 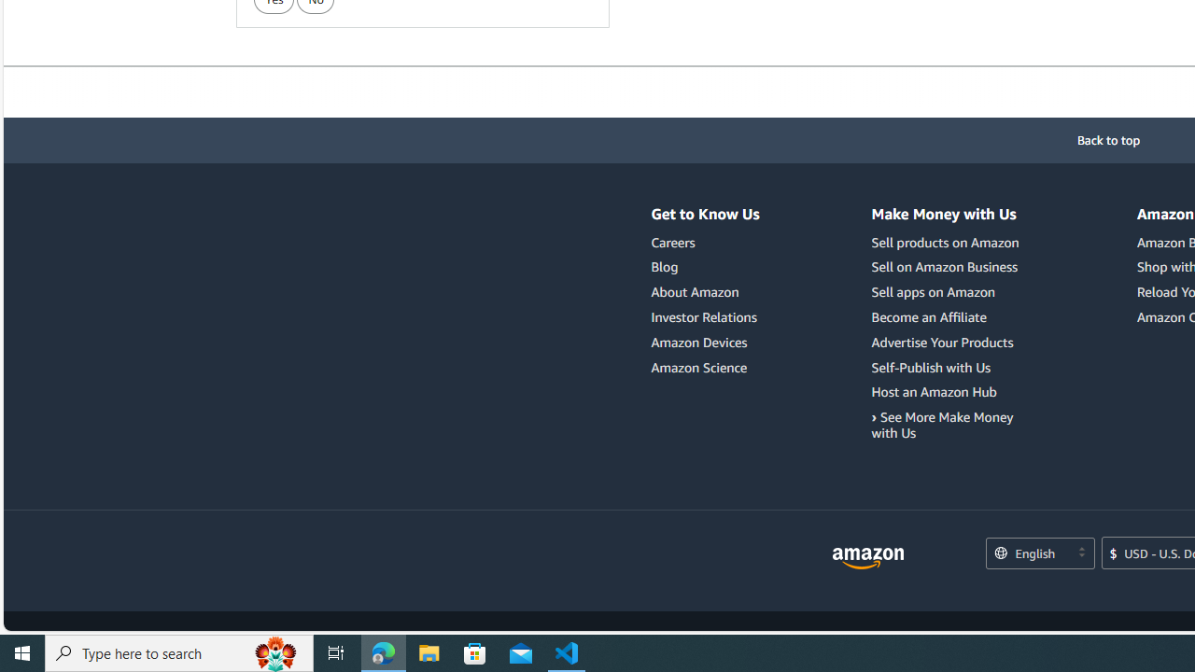 What do you see at coordinates (698, 367) in the screenshot?
I see `'Amazon Science'` at bounding box center [698, 367].